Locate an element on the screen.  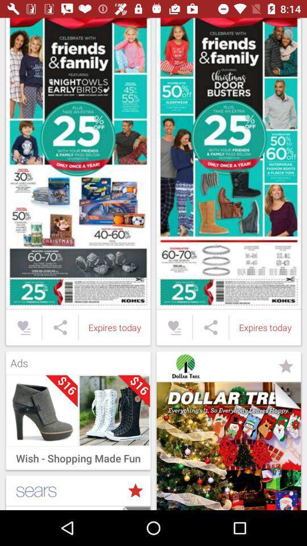
the ads is located at coordinates (77, 359).